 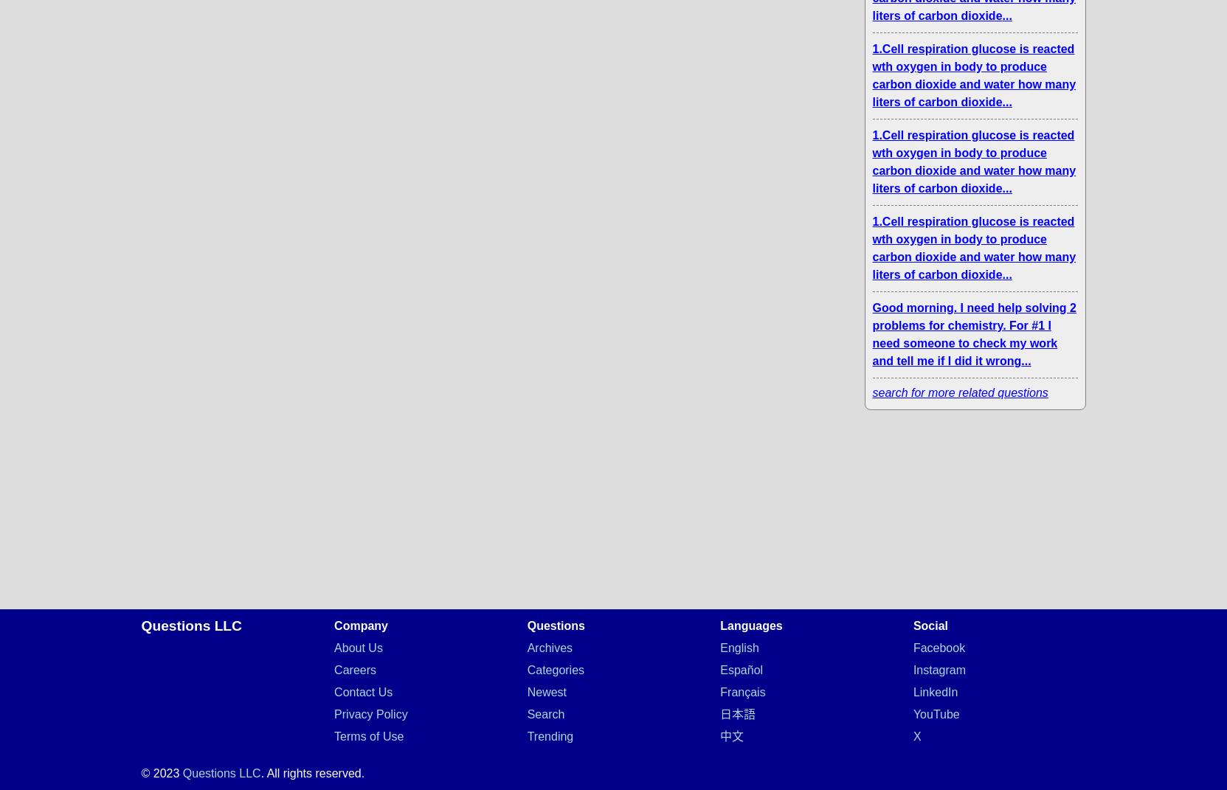 I want to click on 'Company', so click(x=360, y=626).